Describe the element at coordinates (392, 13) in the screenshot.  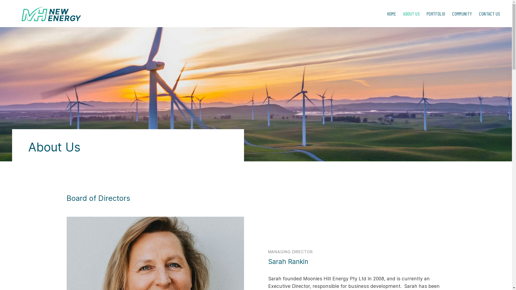
I see `'HOME'` at that location.